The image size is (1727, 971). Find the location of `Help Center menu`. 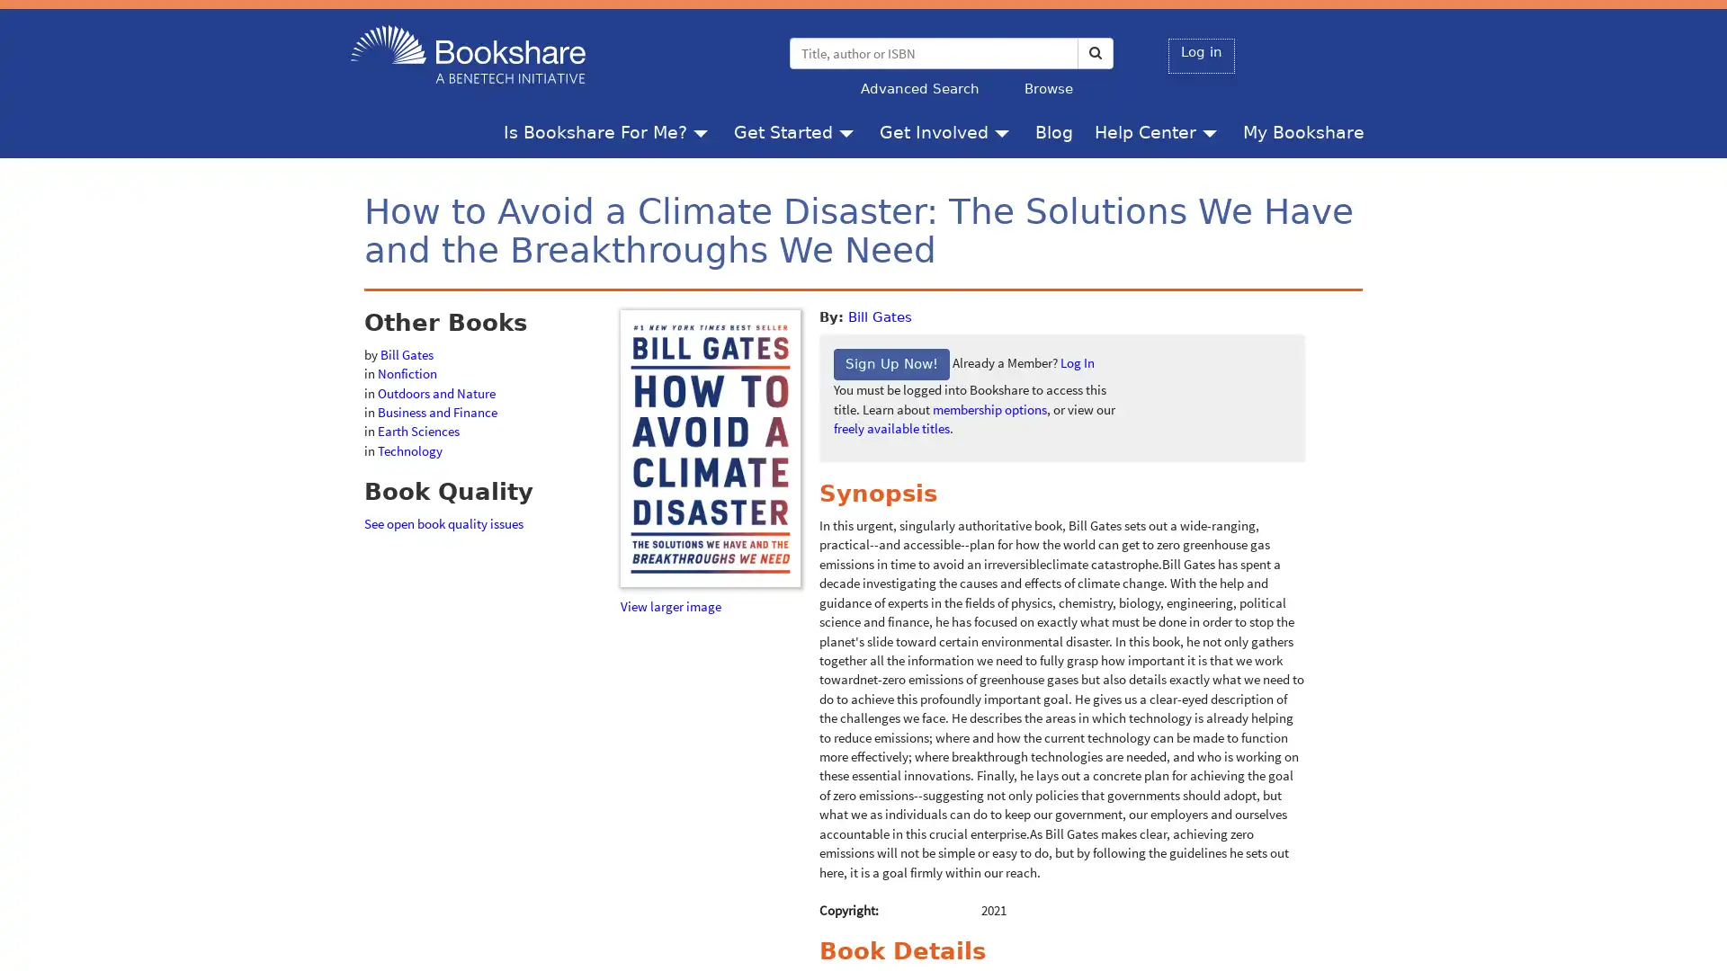

Help Center menu is located at coordinates (1213, 130).